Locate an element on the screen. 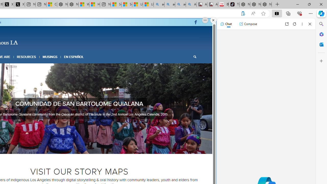 The height and width of the screenshot is (184, 327). 'Link to Facebook' is located at coordinates (195, 22).